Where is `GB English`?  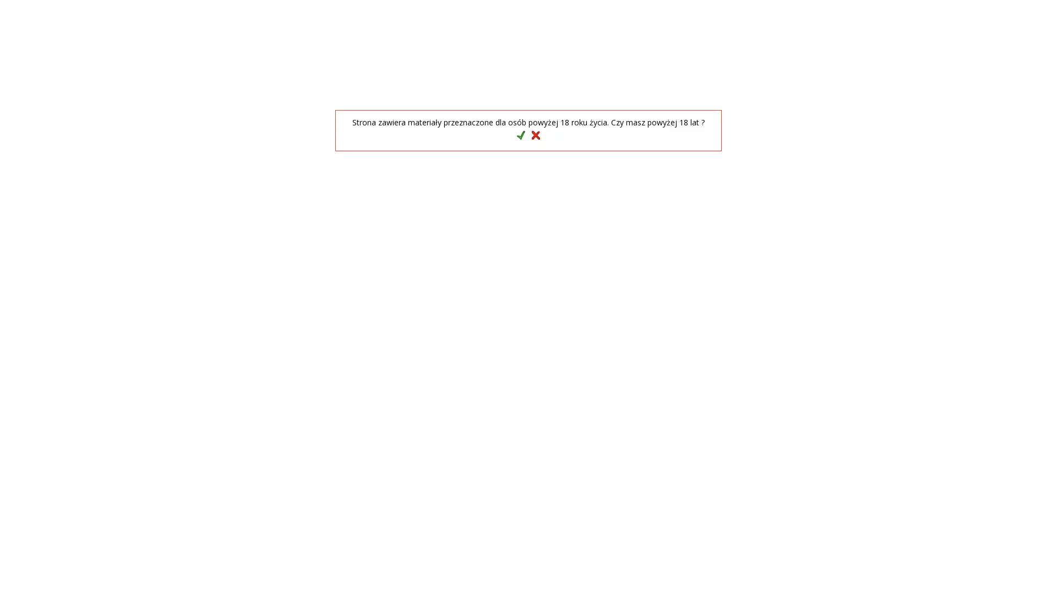 GB English is located at coordinates (702, 9).